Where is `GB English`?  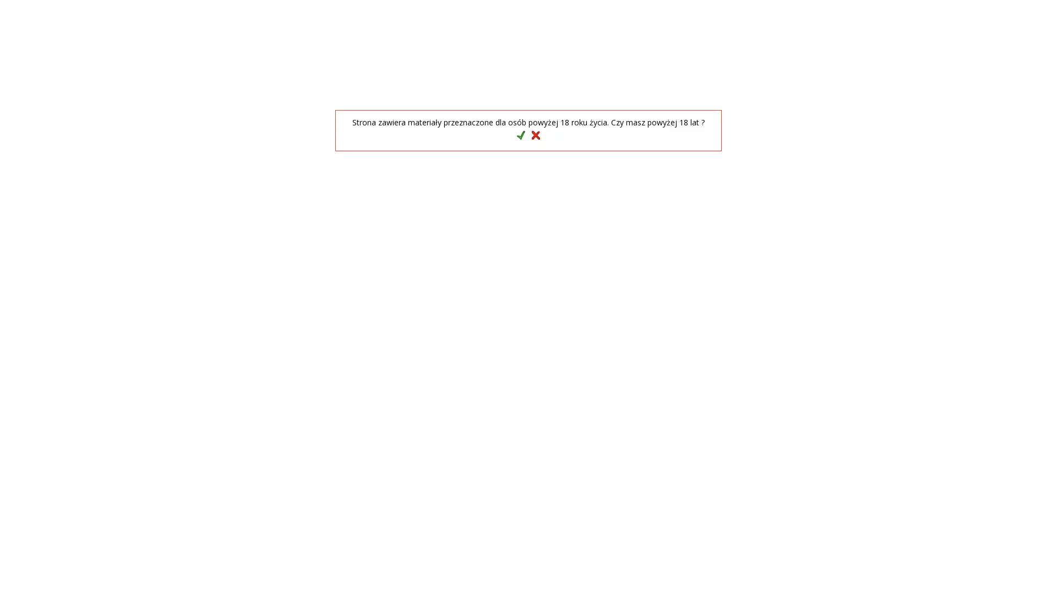 GB English is located at coordinates (702, 9).